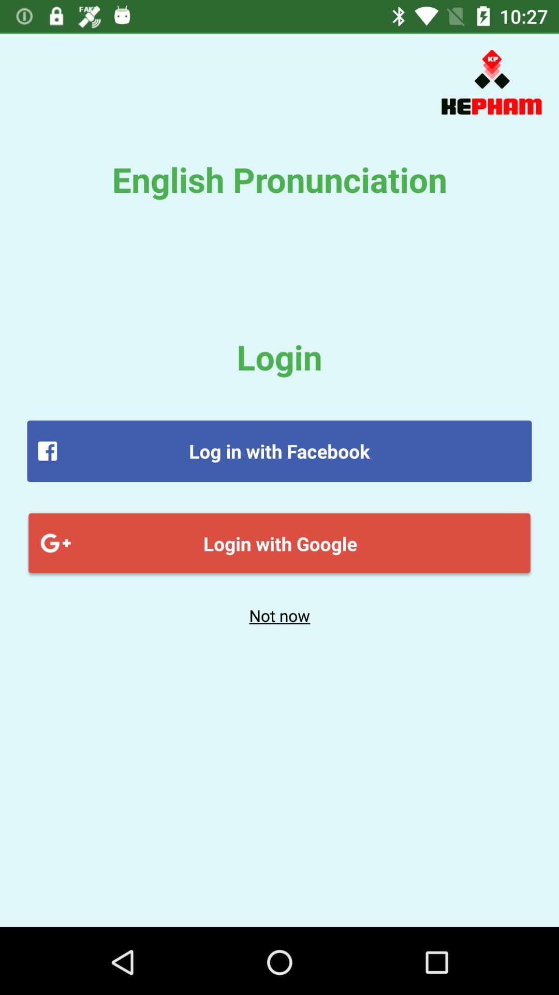  I want to click on the item below login item, so click(279, 451).